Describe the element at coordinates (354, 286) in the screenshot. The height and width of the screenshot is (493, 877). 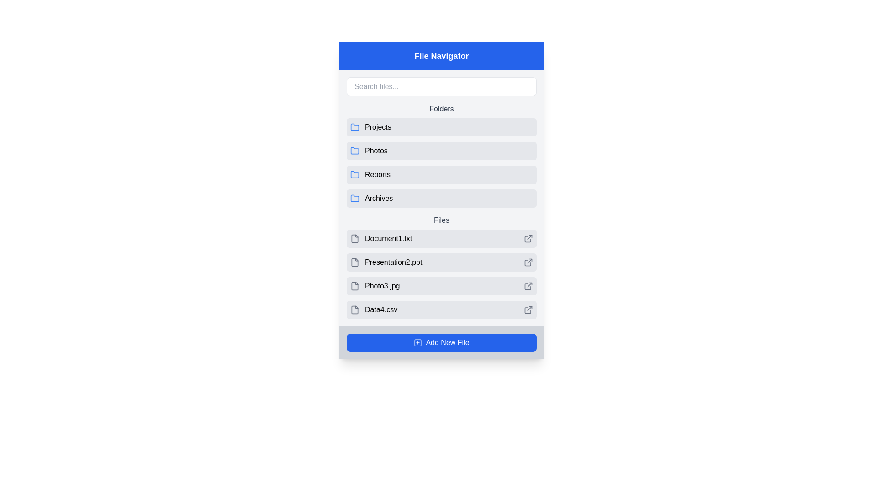
I see `the file icon representing 'Photo3.jpg', which is a small gray outline of a document with a fold in the top-right corner` at that location.